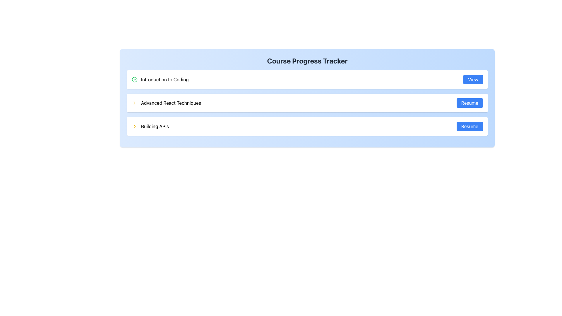 This screenshot has width=562, height=316. What do you see at coordinates (166, 102) in the screenshot?
I see `the static text label for the course titled 'Advanced React Techniques', which is positioned to the left of the 'Resume' button` at bounding box center [166, 102].